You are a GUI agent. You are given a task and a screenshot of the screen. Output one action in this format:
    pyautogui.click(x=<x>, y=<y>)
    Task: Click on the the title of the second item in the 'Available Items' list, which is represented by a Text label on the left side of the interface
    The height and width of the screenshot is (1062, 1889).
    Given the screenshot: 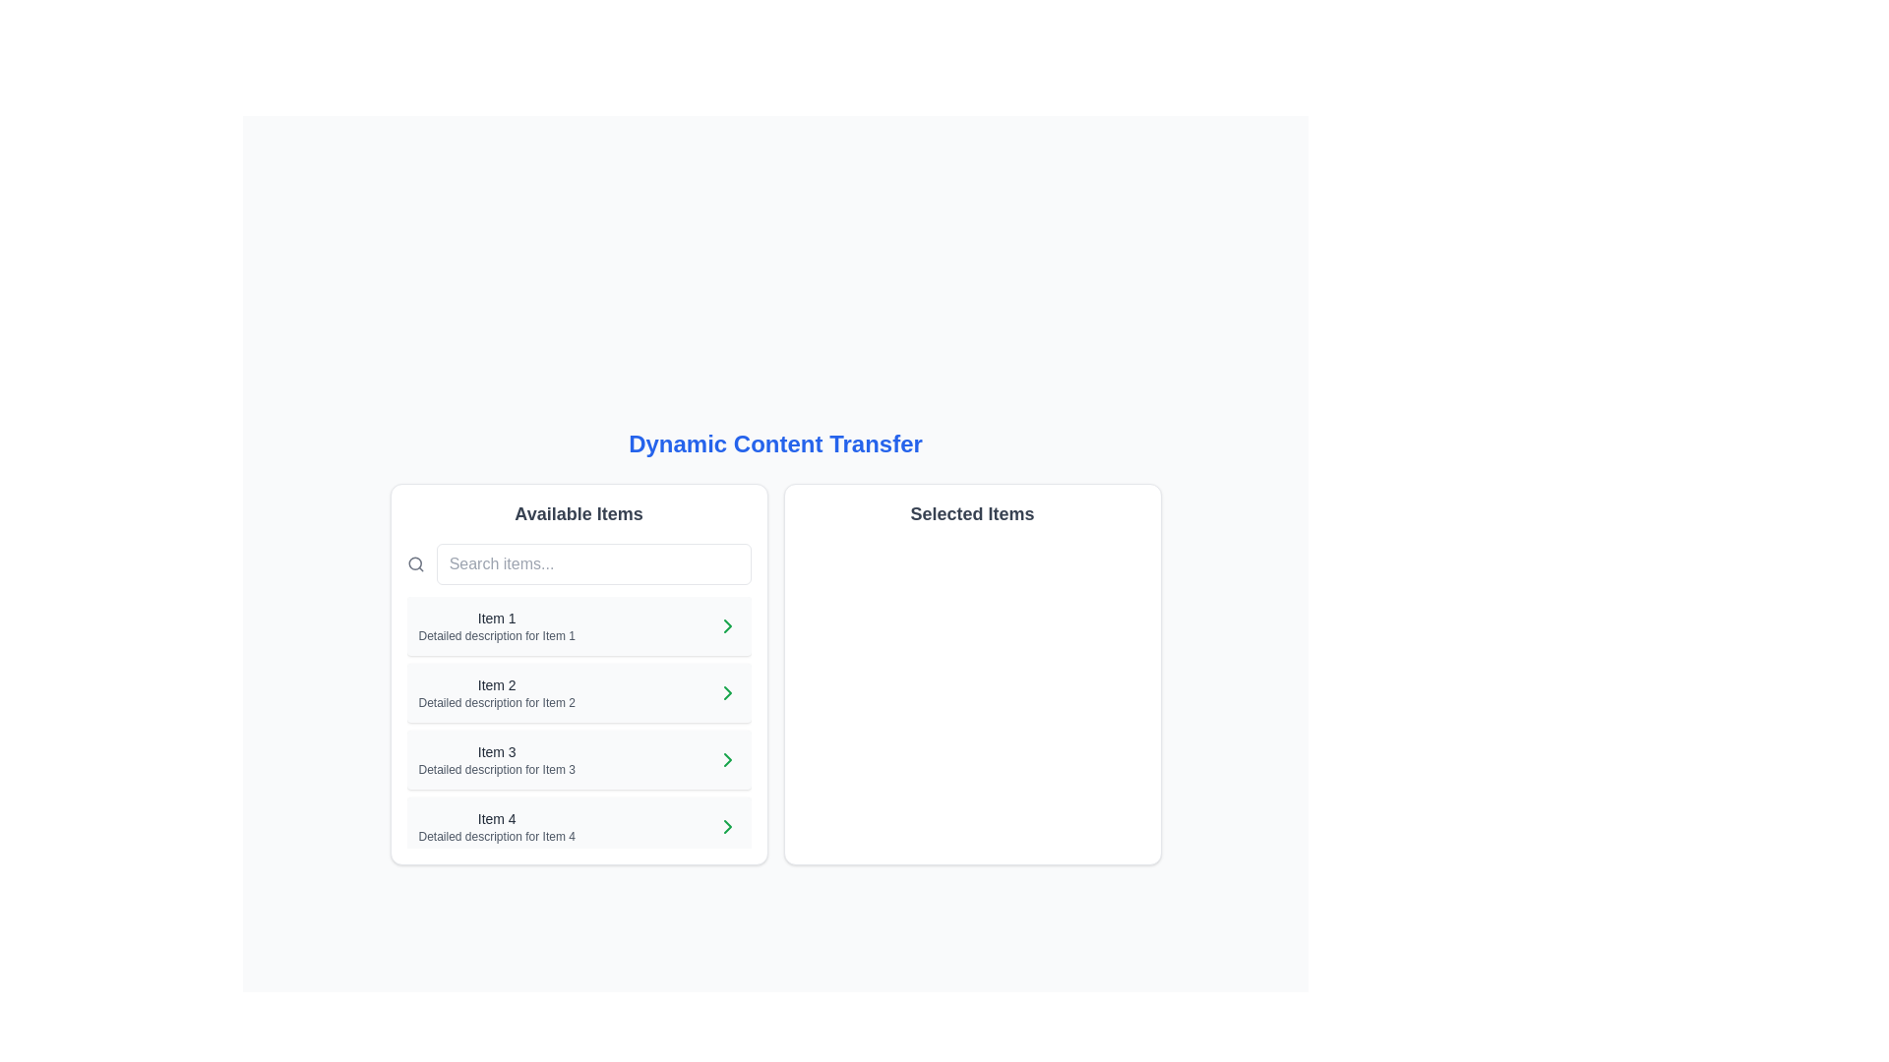 What is the action you would take?
    pyautogui.click(x=497, y=684)
    